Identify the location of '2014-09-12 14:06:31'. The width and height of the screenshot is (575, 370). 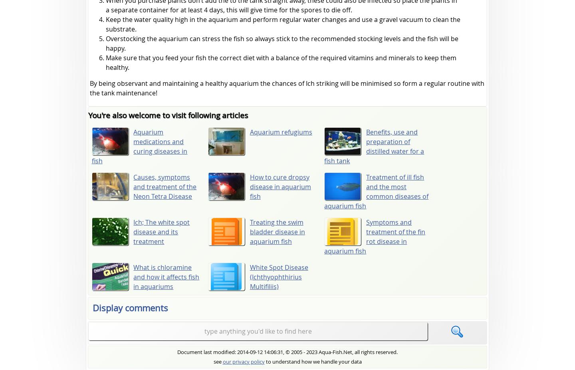
(260, 352).